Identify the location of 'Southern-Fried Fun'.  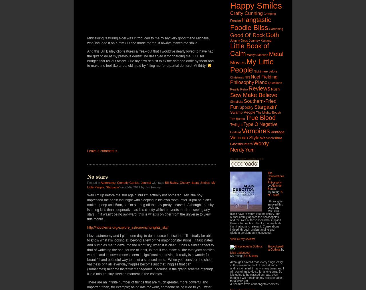
(253, 104).